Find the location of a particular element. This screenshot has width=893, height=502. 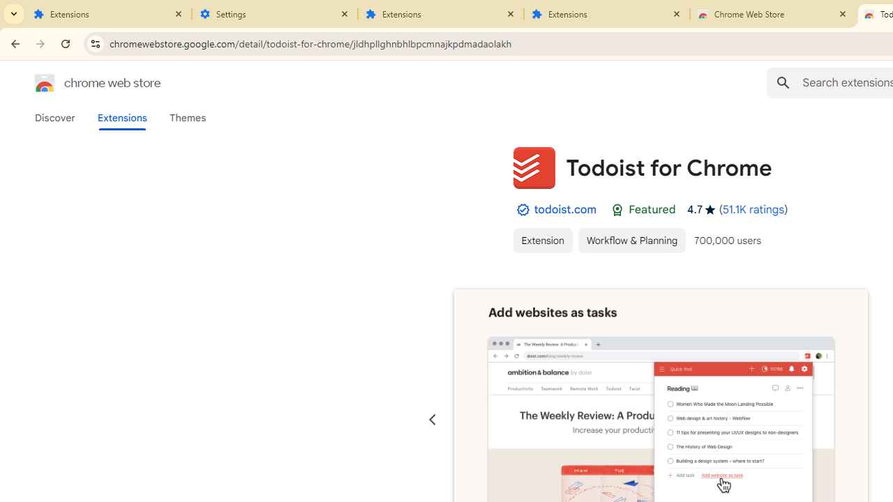

'Previous slide' is located at coordinates (431, 419).